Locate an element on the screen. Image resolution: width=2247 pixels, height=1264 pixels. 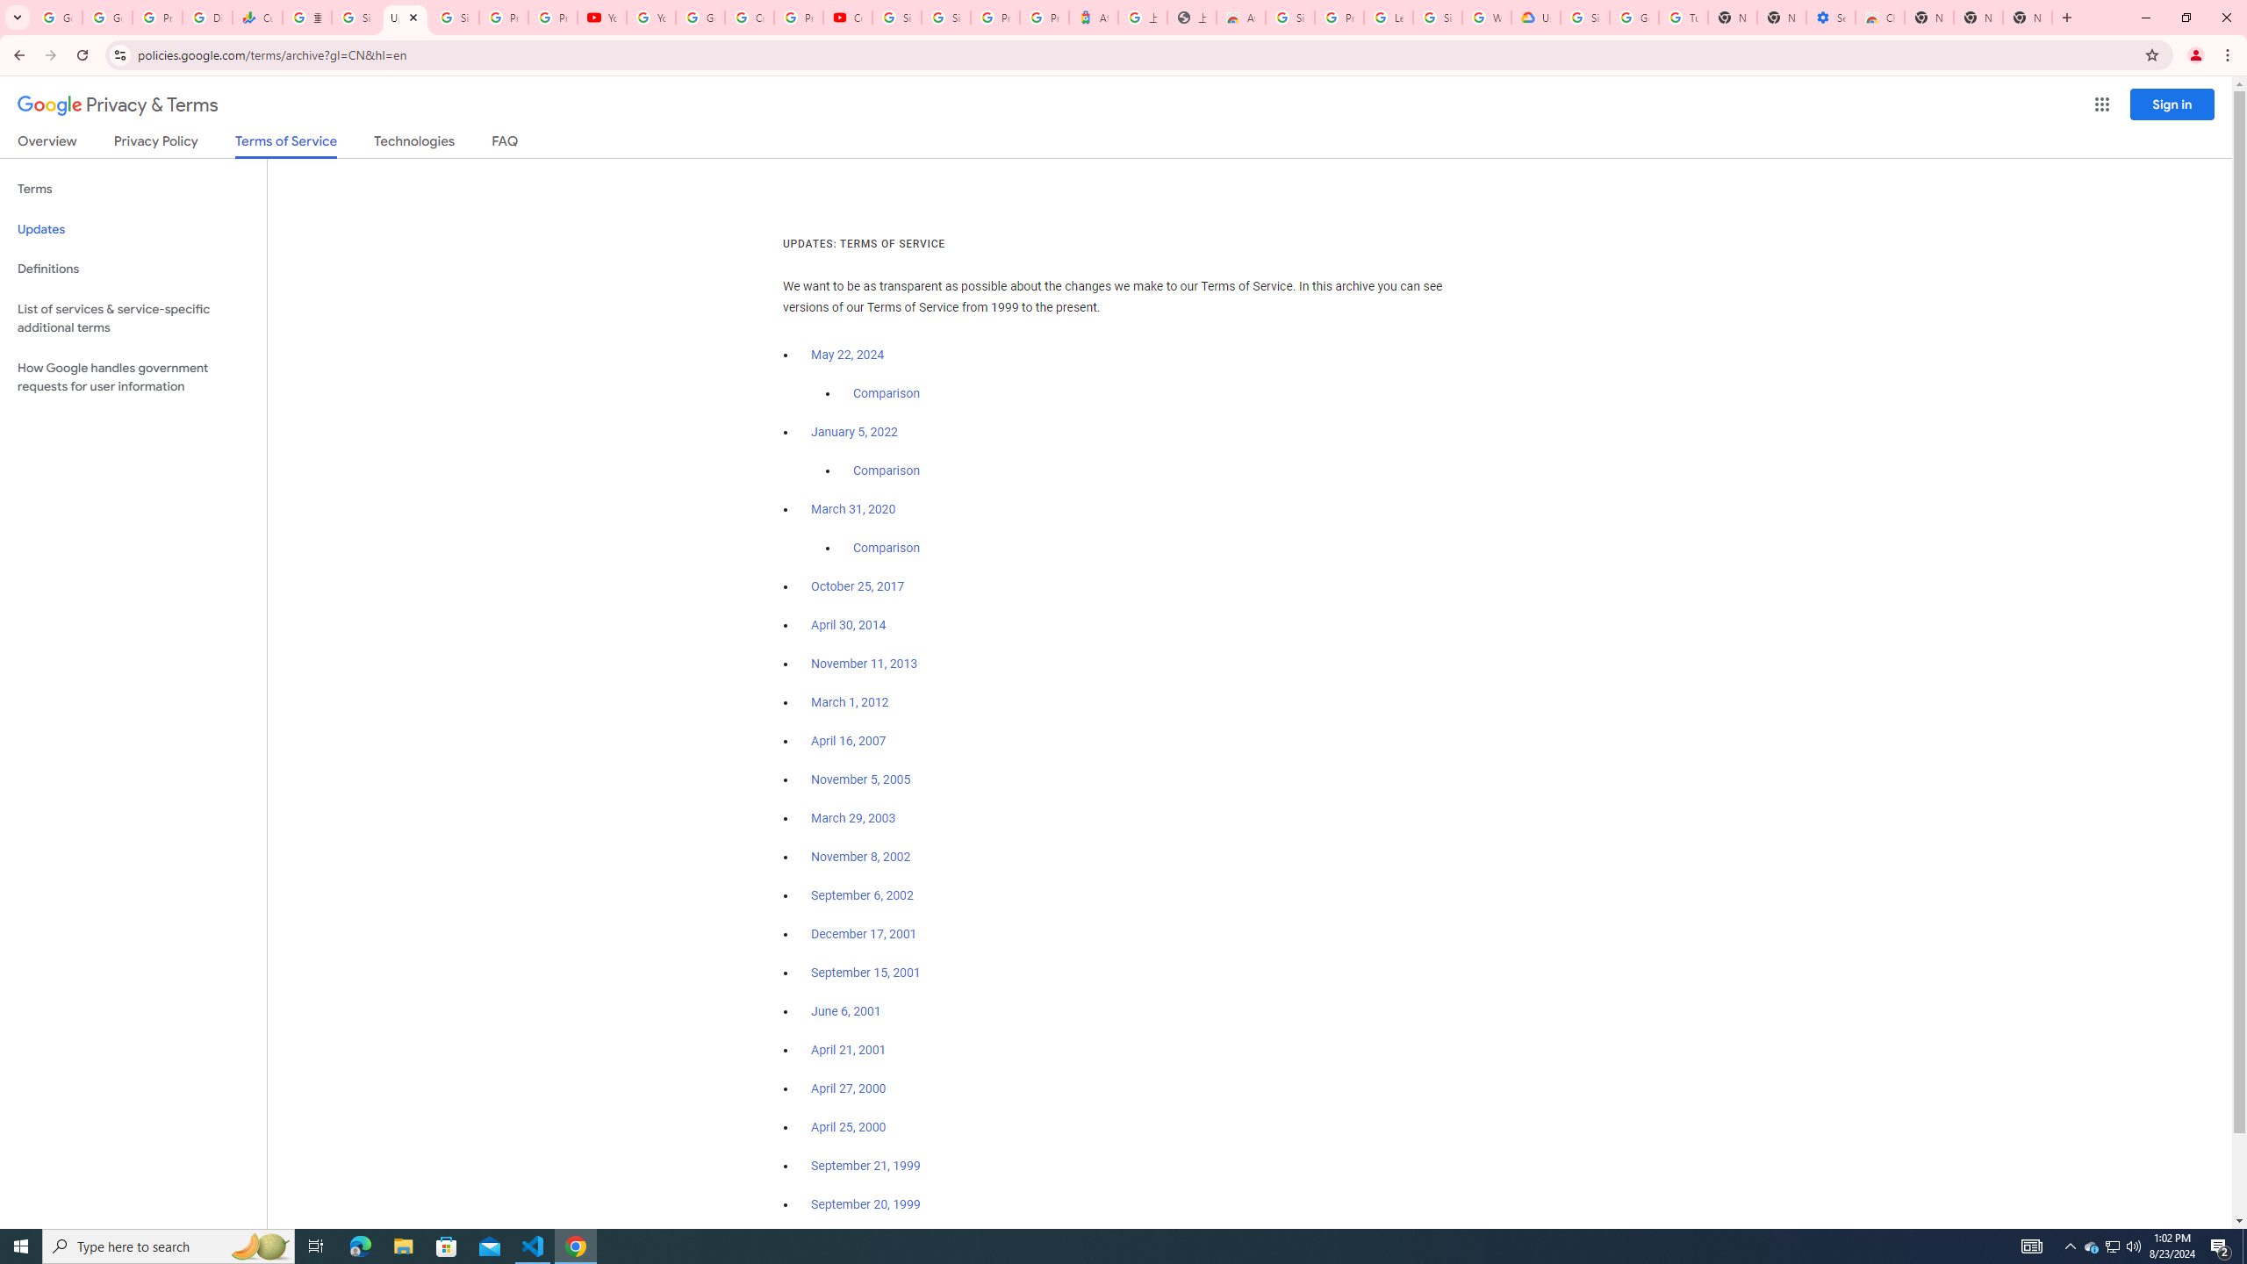
'October 25, 2017' is located at coordinates (858, 585).